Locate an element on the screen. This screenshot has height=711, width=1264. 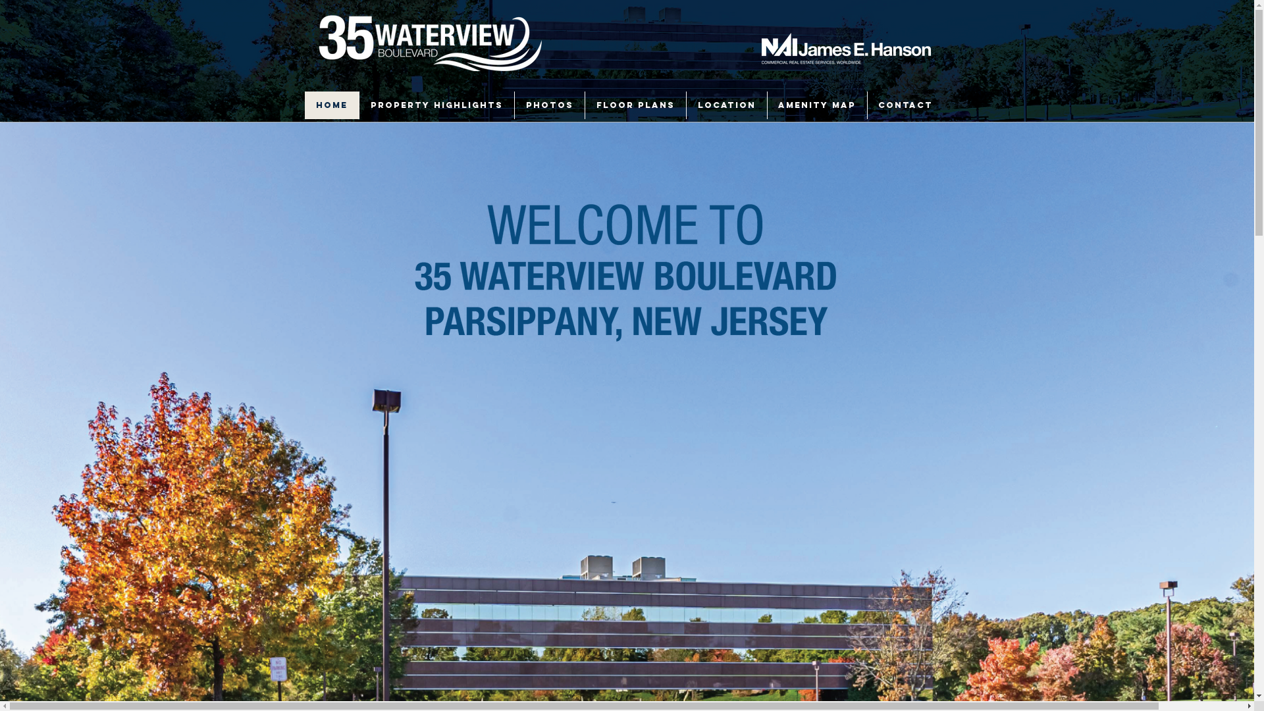
'LOCATION' is located at coordinates (725, 104).